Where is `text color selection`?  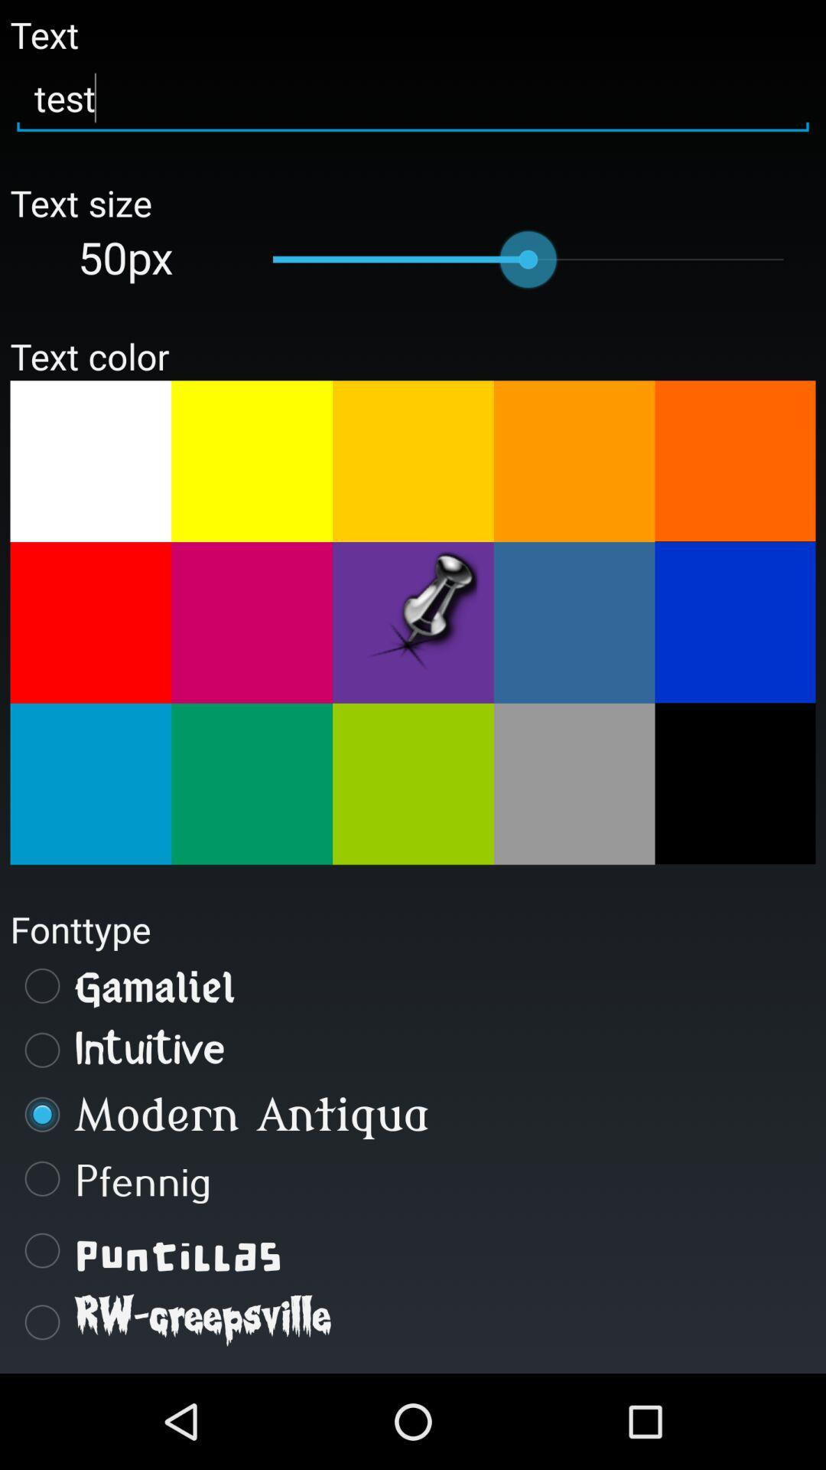
text color selection is located at coordinates (574, 622).